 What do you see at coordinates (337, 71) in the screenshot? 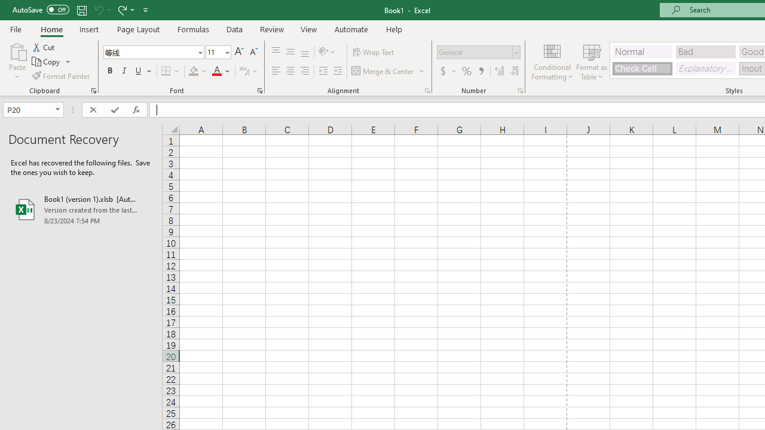
I see `'Increase Indent'` at bounding box center [337, 71].